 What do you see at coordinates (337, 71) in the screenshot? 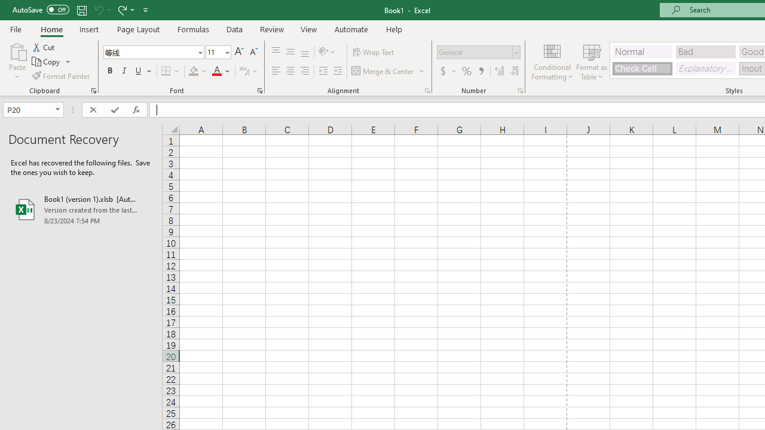
I see `'Increase Indent'` at bounding box center [337, 71].